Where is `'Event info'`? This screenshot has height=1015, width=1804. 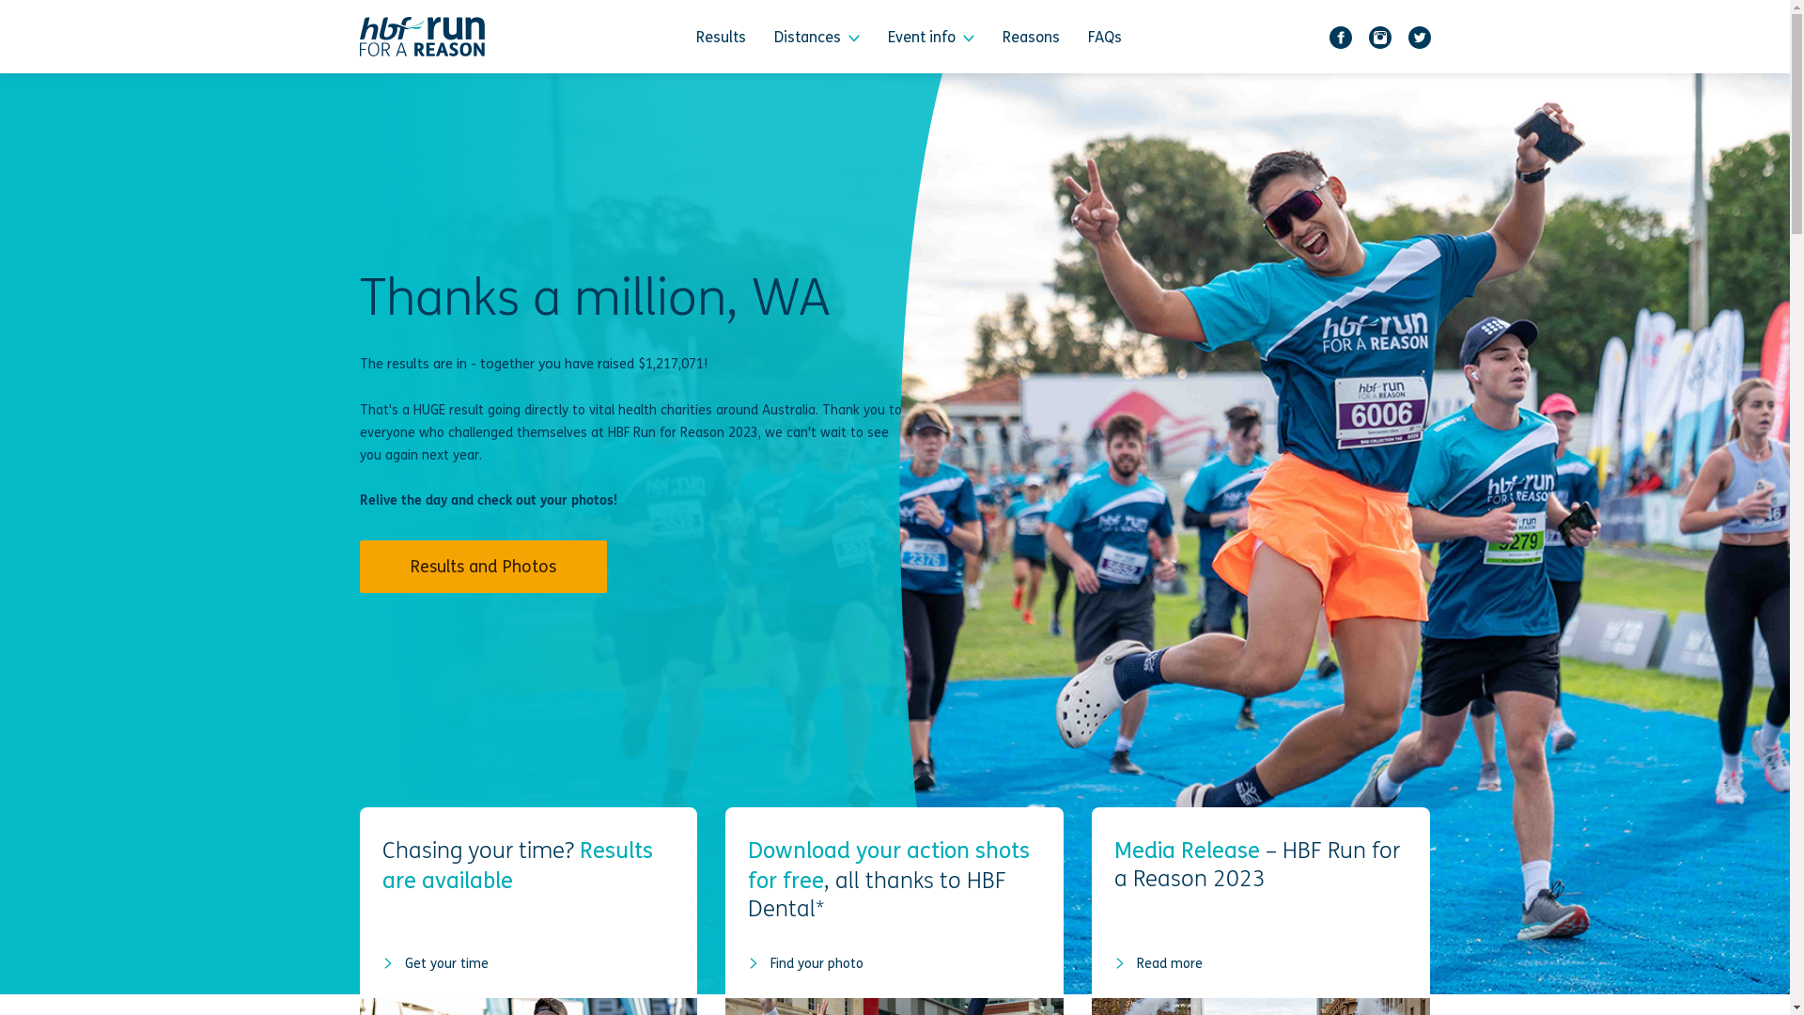 'Event info' is located at coordinates (930, 36).